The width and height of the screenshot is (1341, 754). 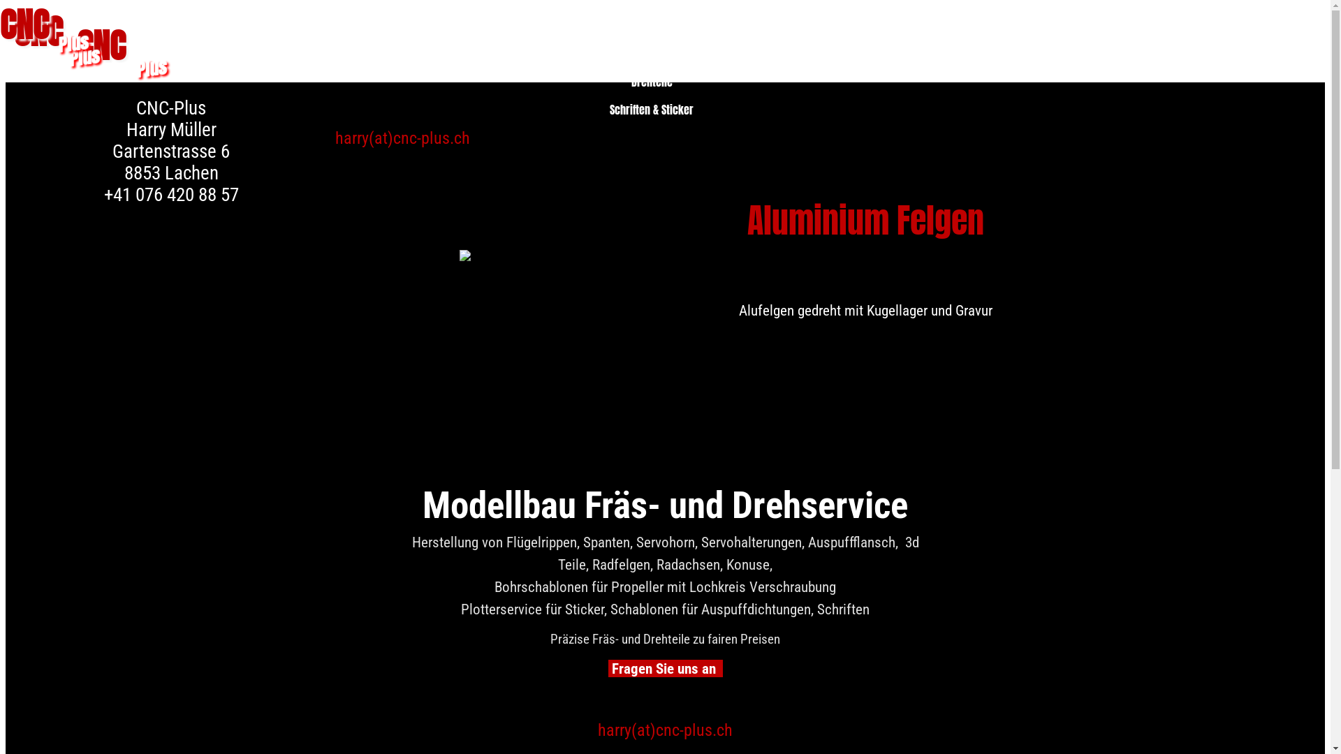 I want to click on 'Unsere Leistungen', so click(x=645, y=35).